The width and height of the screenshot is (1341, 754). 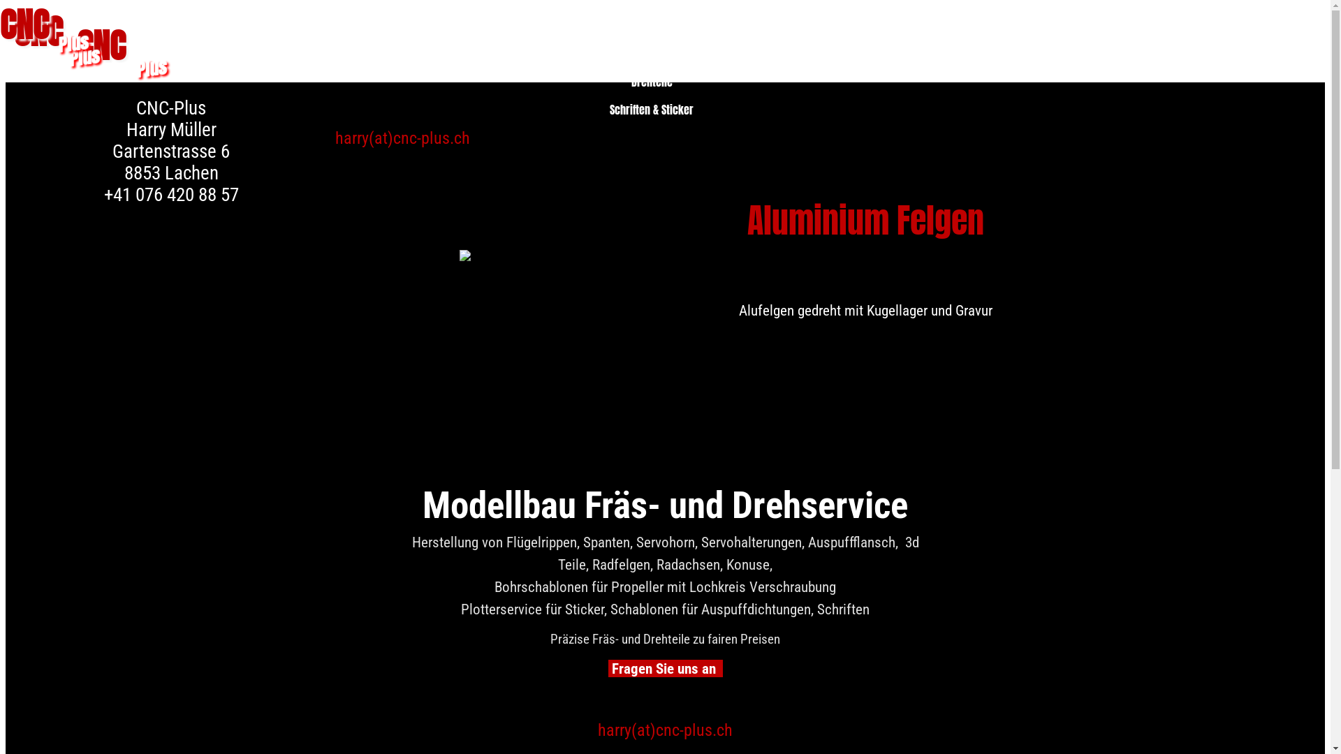 I want to click on 'Unsere Leistungen', so click(x=645, y=35).